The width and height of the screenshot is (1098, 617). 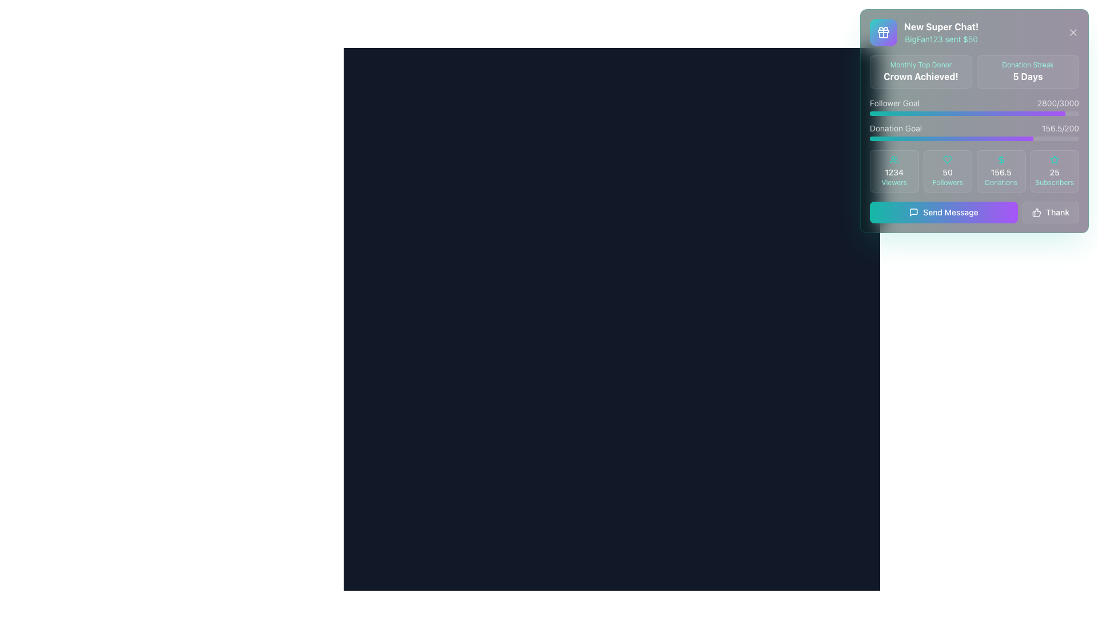 What do you see at coordinates (883, 30) in the screenshot?
I see `the horizontal ribbon of the icon, which is a small rectangular graphical shape with slightly rounded corners positioned at the top of a gift box design` at bounding box center [883, 30].